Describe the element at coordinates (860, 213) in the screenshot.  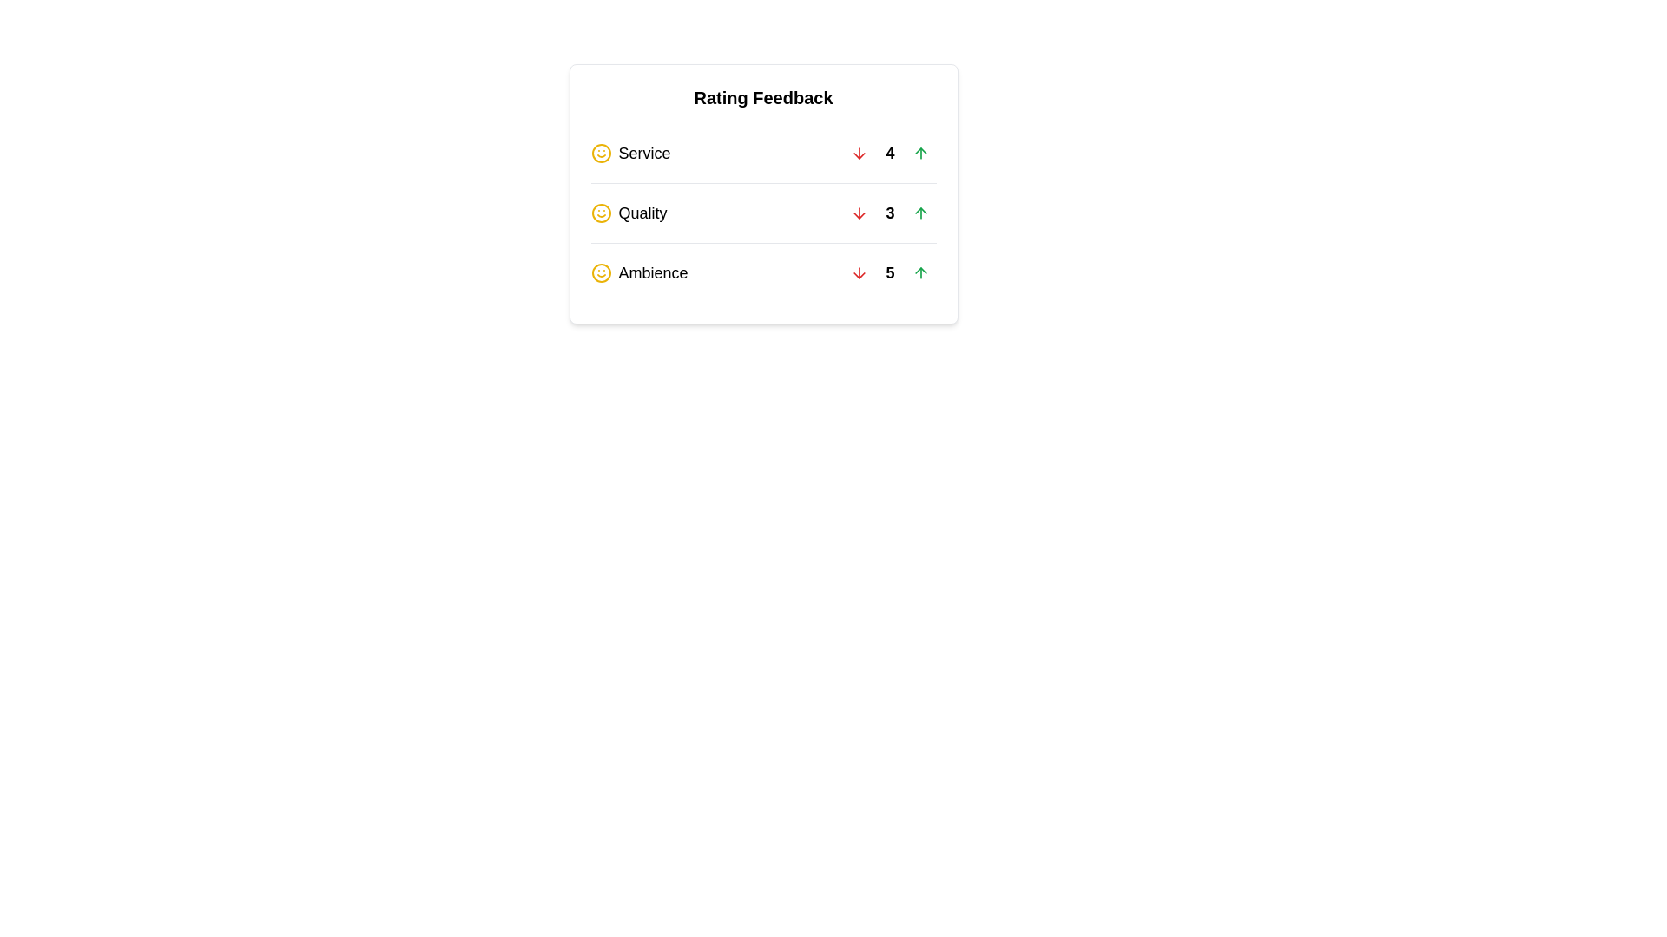
I see `the downward-pointing red arrow icon in the 'Quality' row to decrease the value` at that location.